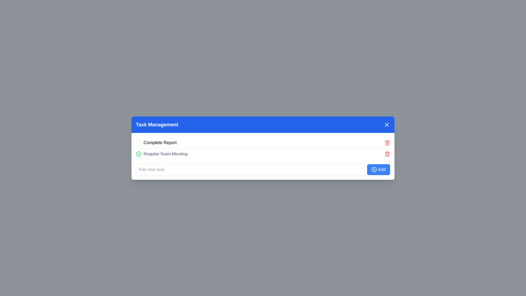 This screenshot has width=526, height=296. I want to click on the close button located at the top-right corner of the modal window, so click(386, 124).